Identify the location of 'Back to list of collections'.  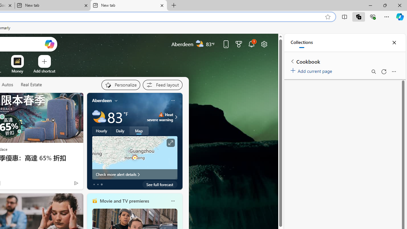
(292, 61).